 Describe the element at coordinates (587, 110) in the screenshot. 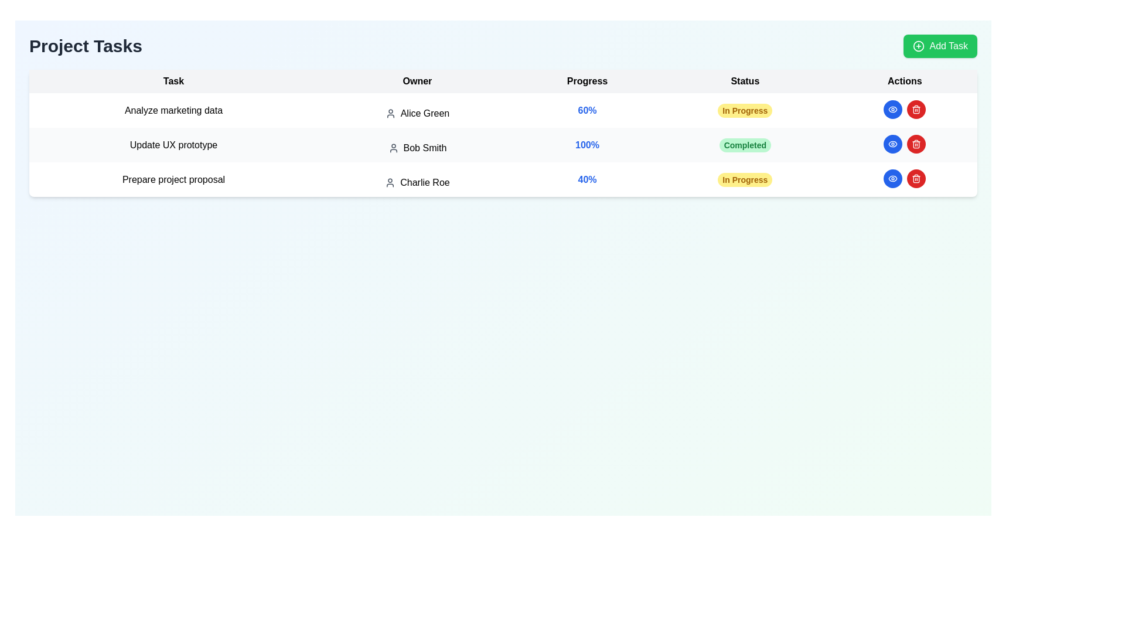

I see `the progress percentage text label indicating the current progress status of the task 'Analyze marketing data', located in the second row of the table under the 'Progress' header, adjacent to 'Owner' column showing 'Alice Green' and 'Status' column showing 'In Progress'` at that location.